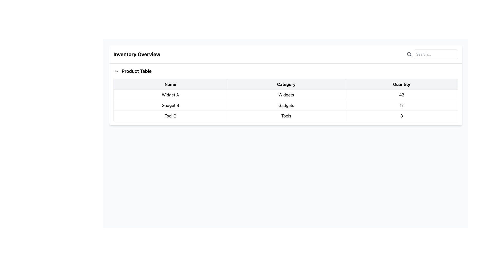  What do you see at coordinates (401, 116) in the screenshot?
I see `the numeral '8' in bold black text located in the last cell of the 'Quantity' column for 'Tool C' in the table` at bounding box center [401, 116].